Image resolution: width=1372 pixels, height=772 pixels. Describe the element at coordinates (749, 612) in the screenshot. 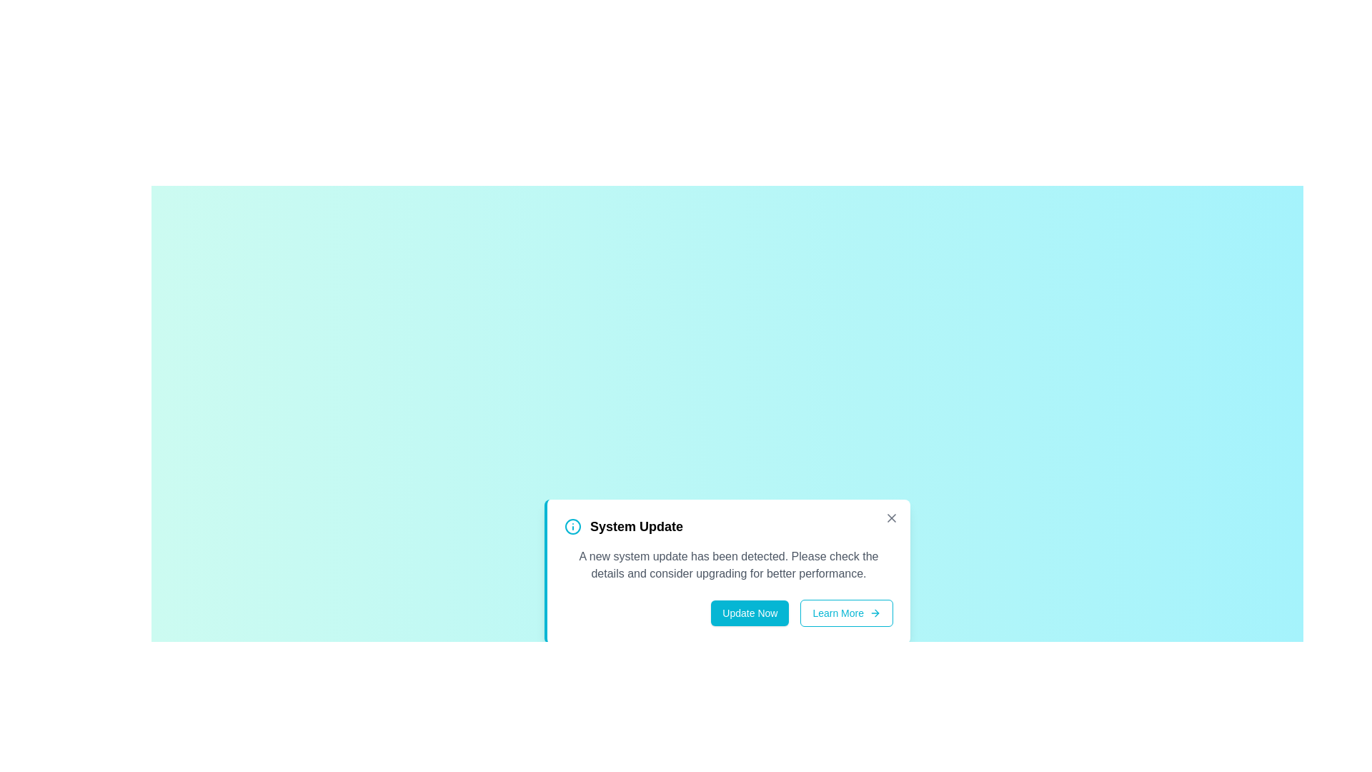

I see `the 'Update Now' button to initiate the update process` at that location.